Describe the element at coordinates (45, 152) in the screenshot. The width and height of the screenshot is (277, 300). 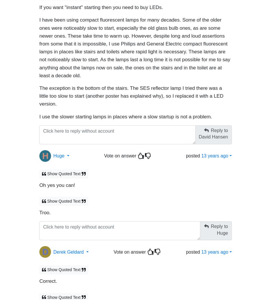
I see `'H'` at that location.